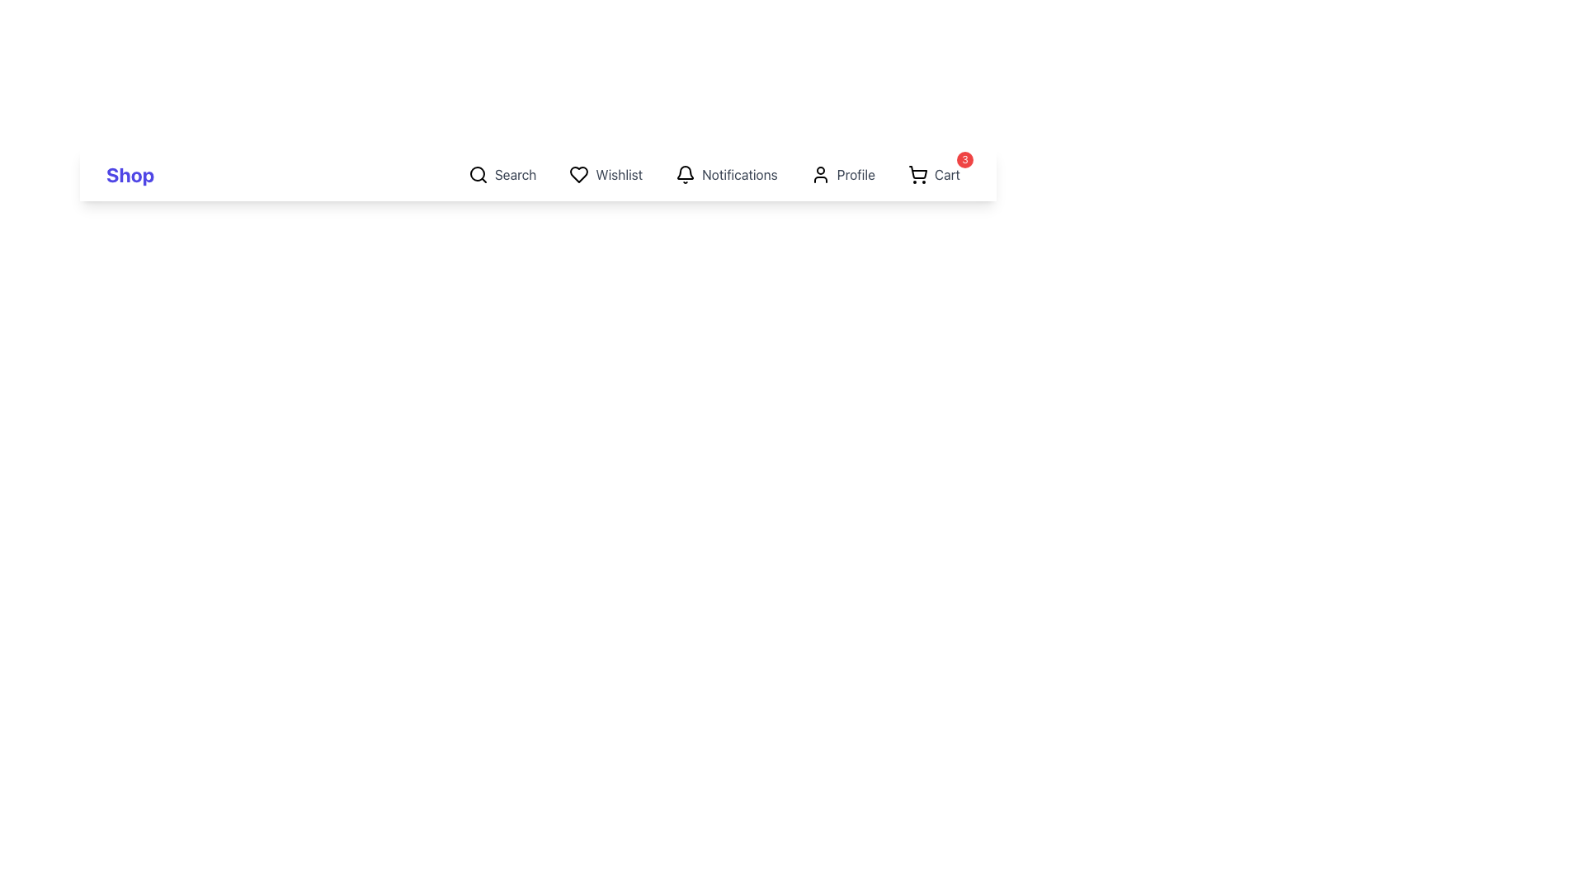 The width and height of the screenshot is (1584, 891). I want to click on the 'Shop' text label, which is the first element on the left of the navigation bar at the top of the interface, so click(130, 175).